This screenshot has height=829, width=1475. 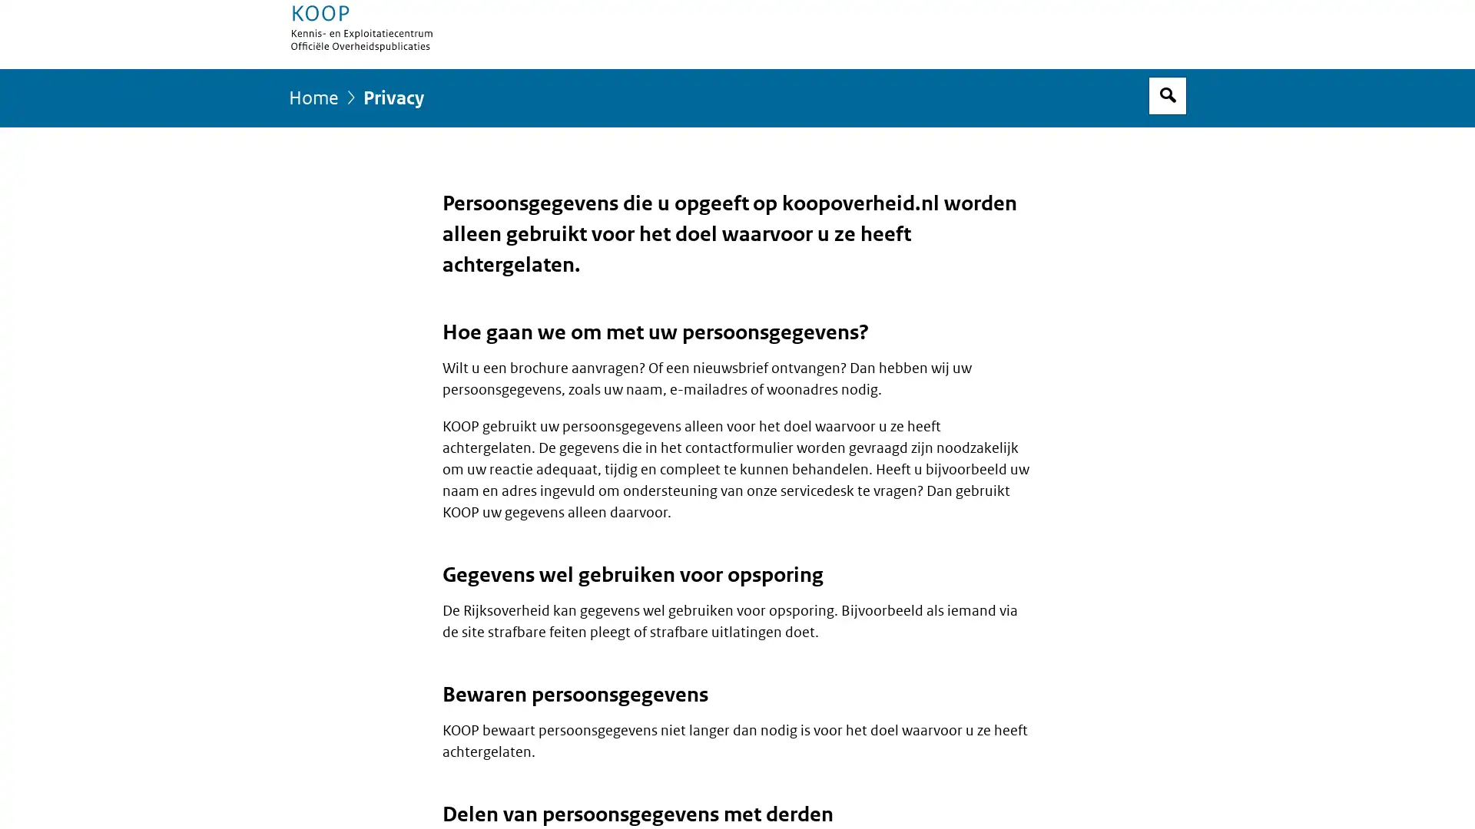 What do you see at coordinates (1168, 95) in the screenshot?
I see `Open zoekveld` at bounding box center [1168, 95].